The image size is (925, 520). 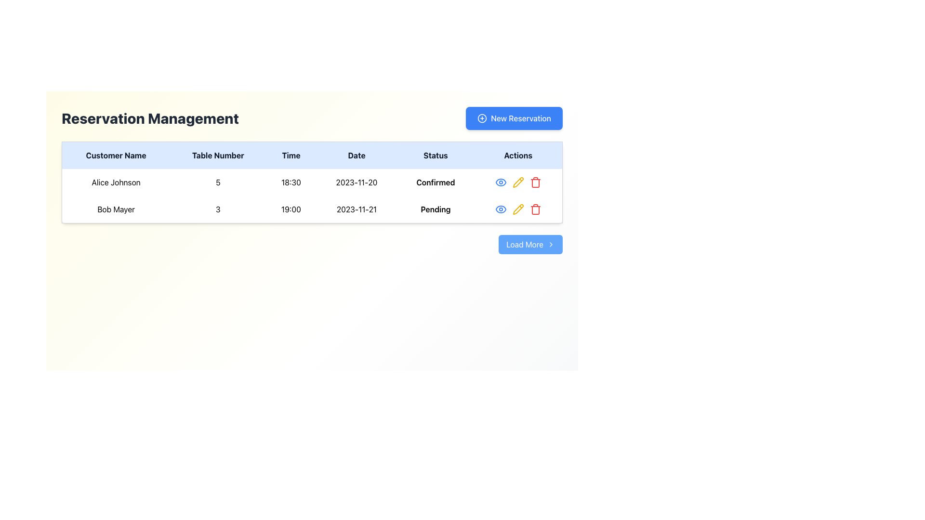 What do you see at coordinates (517, 182) in the screenshot?
I see `the edit icon located in the second row of the 'Actions' column for Bob Mayer's reservation, adjacent to the 'Pending' status` at bounding box center [517, 182].